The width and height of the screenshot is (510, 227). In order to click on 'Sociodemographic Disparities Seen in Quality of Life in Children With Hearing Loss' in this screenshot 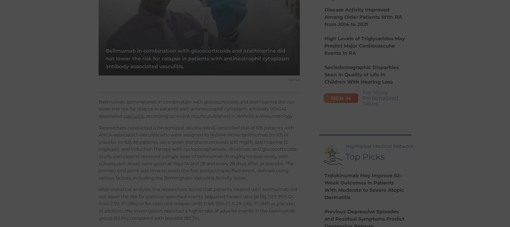, I will do `click(324, 74)`.